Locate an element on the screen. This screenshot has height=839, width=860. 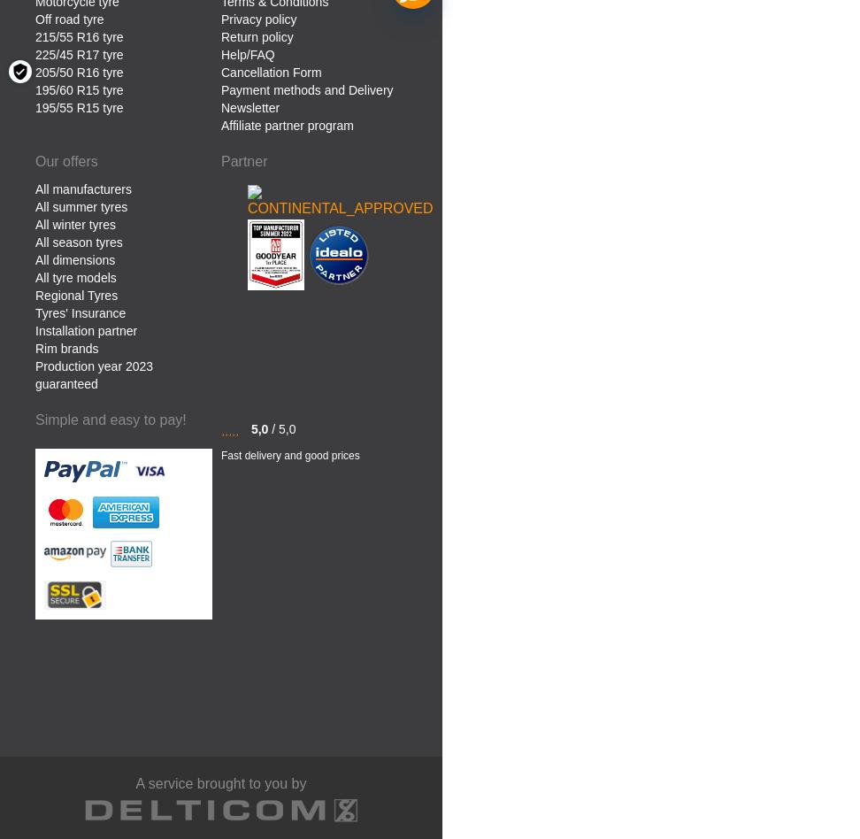
'Return policy' is located at coordinates (257, 35).